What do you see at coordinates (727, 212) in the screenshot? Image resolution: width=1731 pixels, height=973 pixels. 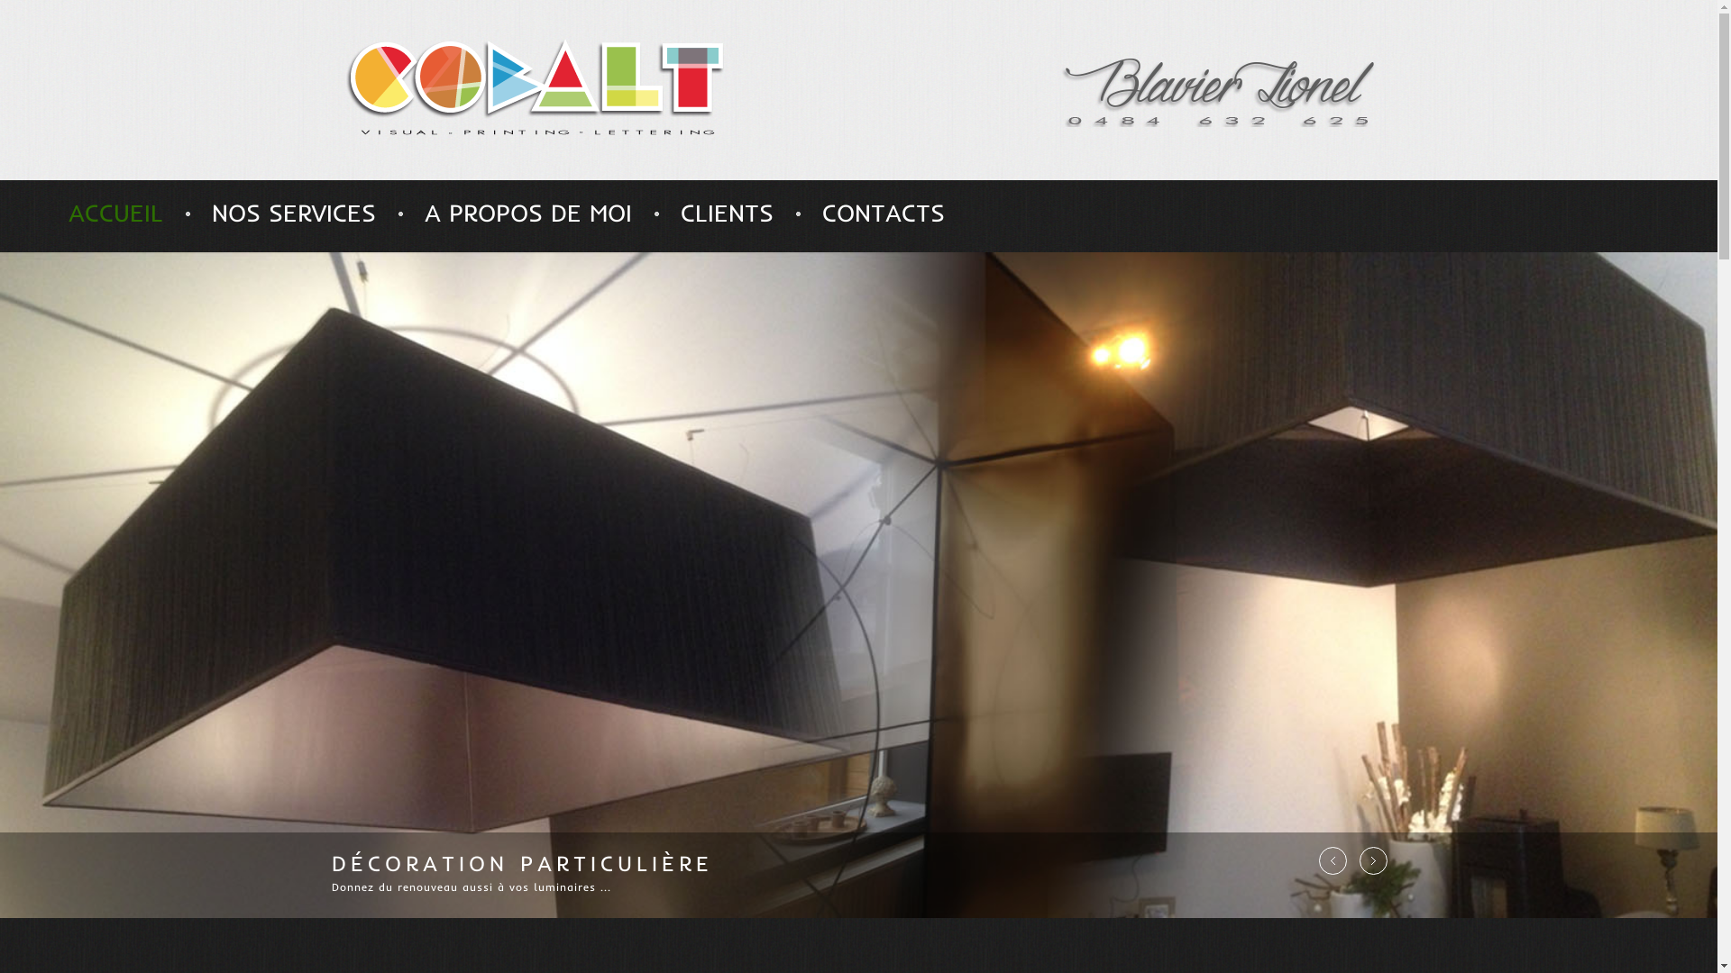 I see `'CLIENTS'` at bounding box center [727, 212].